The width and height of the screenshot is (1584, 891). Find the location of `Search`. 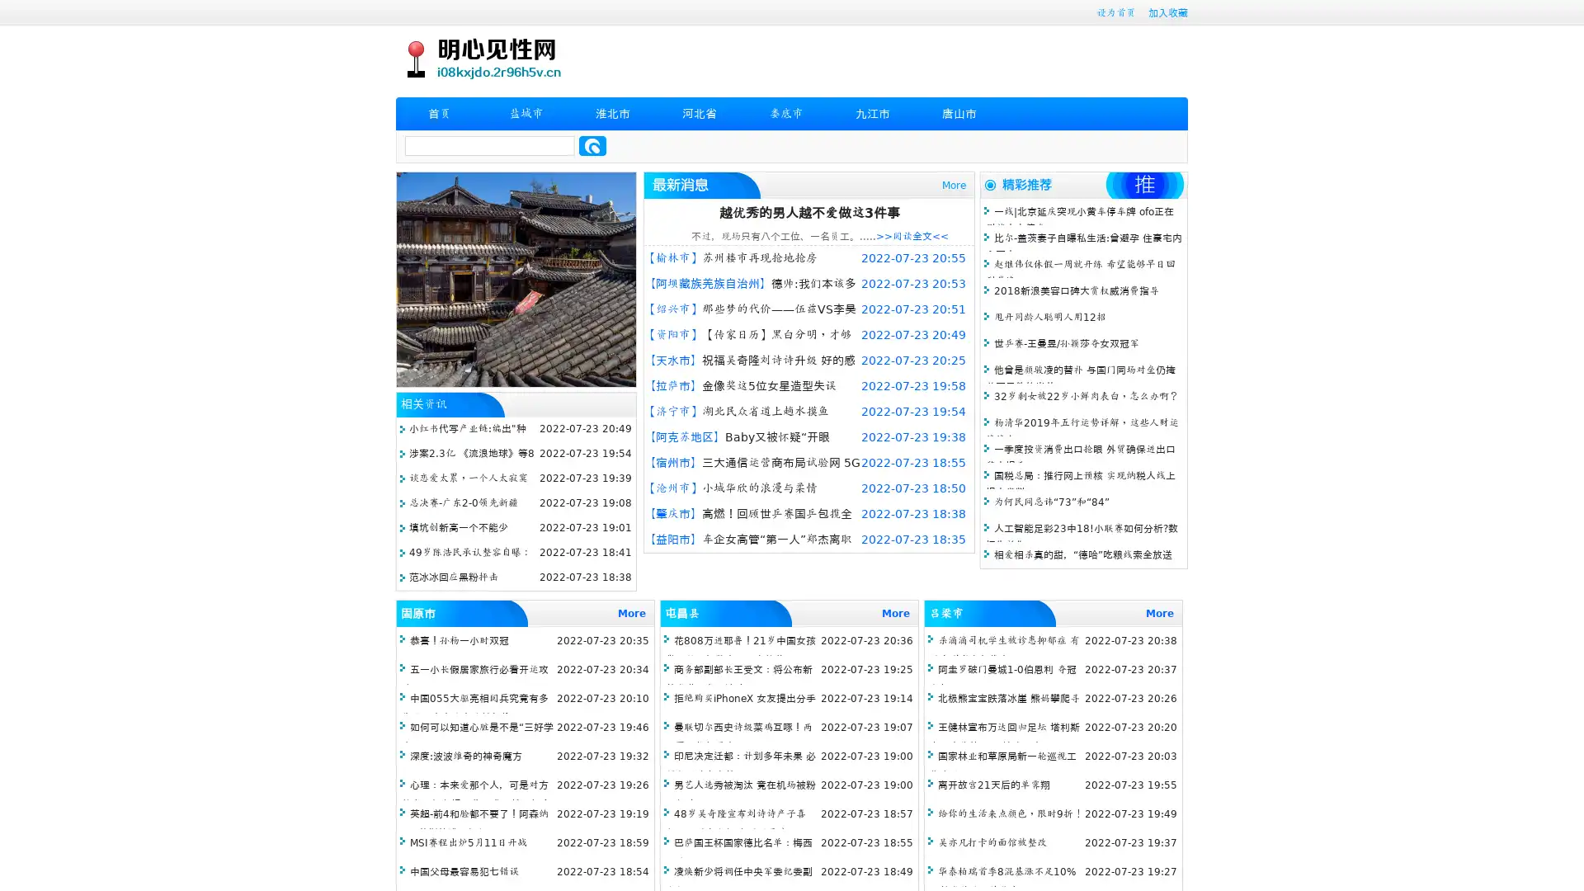

Search is located at coordinates (592, 145).